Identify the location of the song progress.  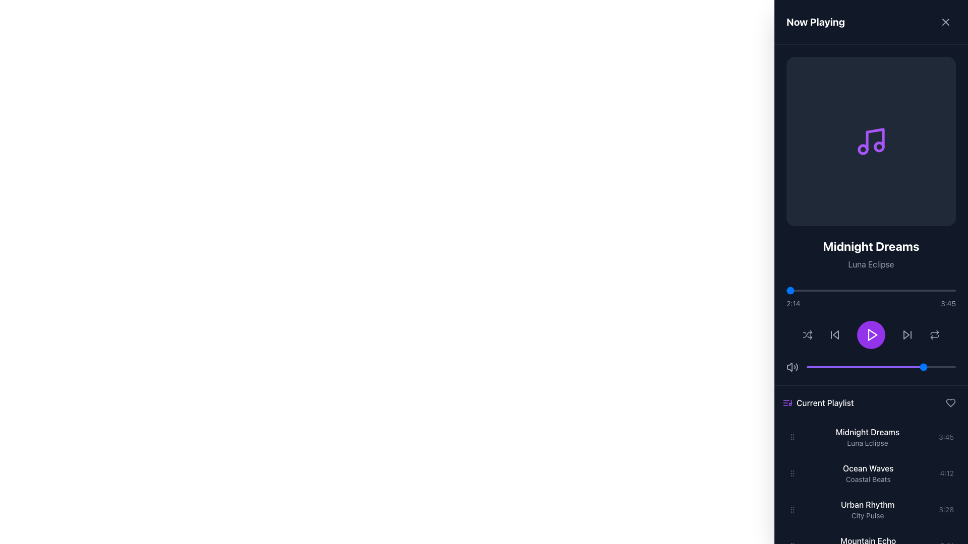
(789, 291).